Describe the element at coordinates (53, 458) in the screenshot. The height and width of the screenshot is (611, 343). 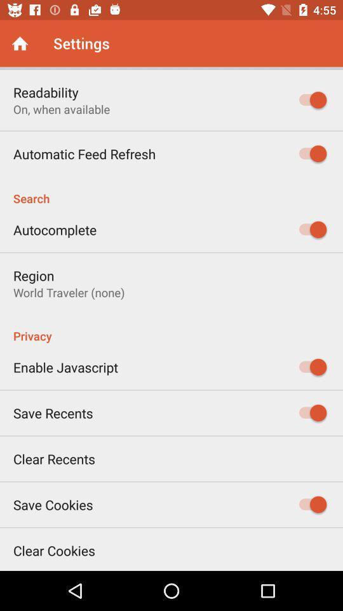
I see `the icon above the save cookies item` at that location.